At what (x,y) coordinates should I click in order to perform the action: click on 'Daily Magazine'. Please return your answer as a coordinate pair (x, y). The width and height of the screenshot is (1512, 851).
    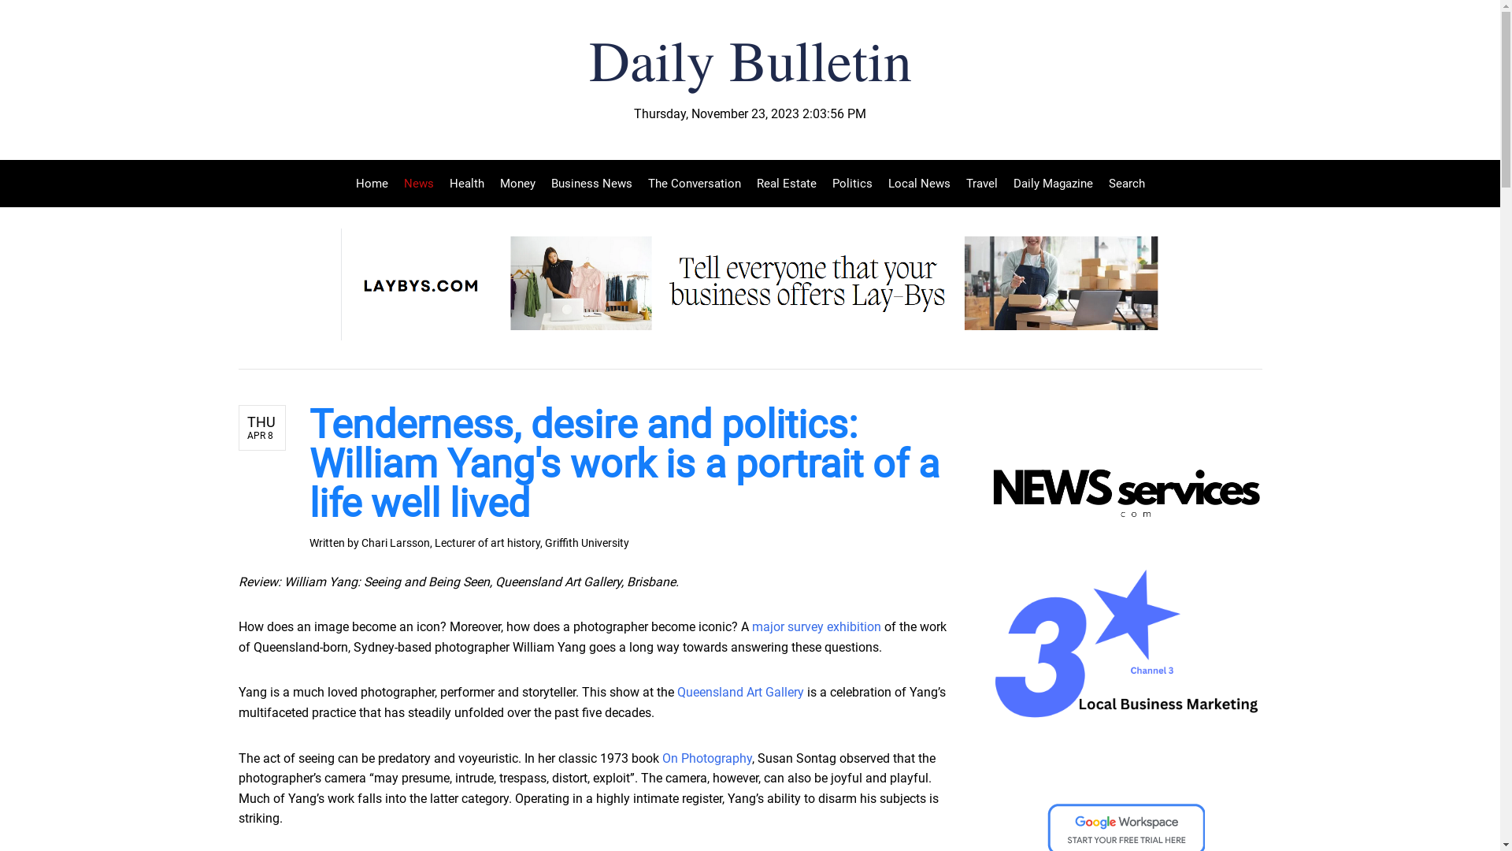
    Looking at the image, I should click on (1004, 182).